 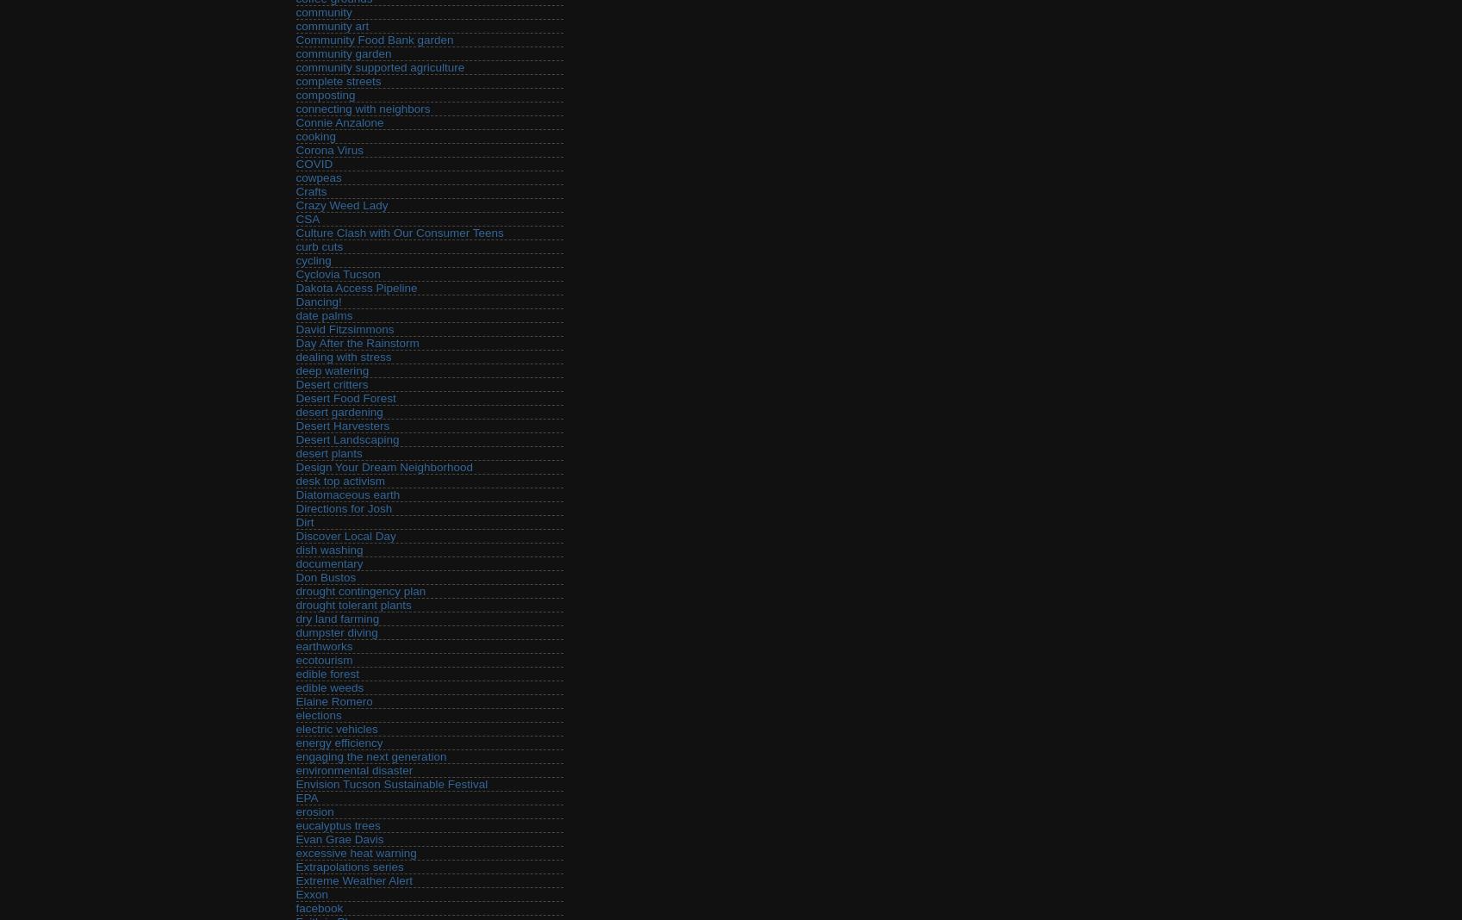 I want to click on 'dumpster diving', so click(x=295, y=632).